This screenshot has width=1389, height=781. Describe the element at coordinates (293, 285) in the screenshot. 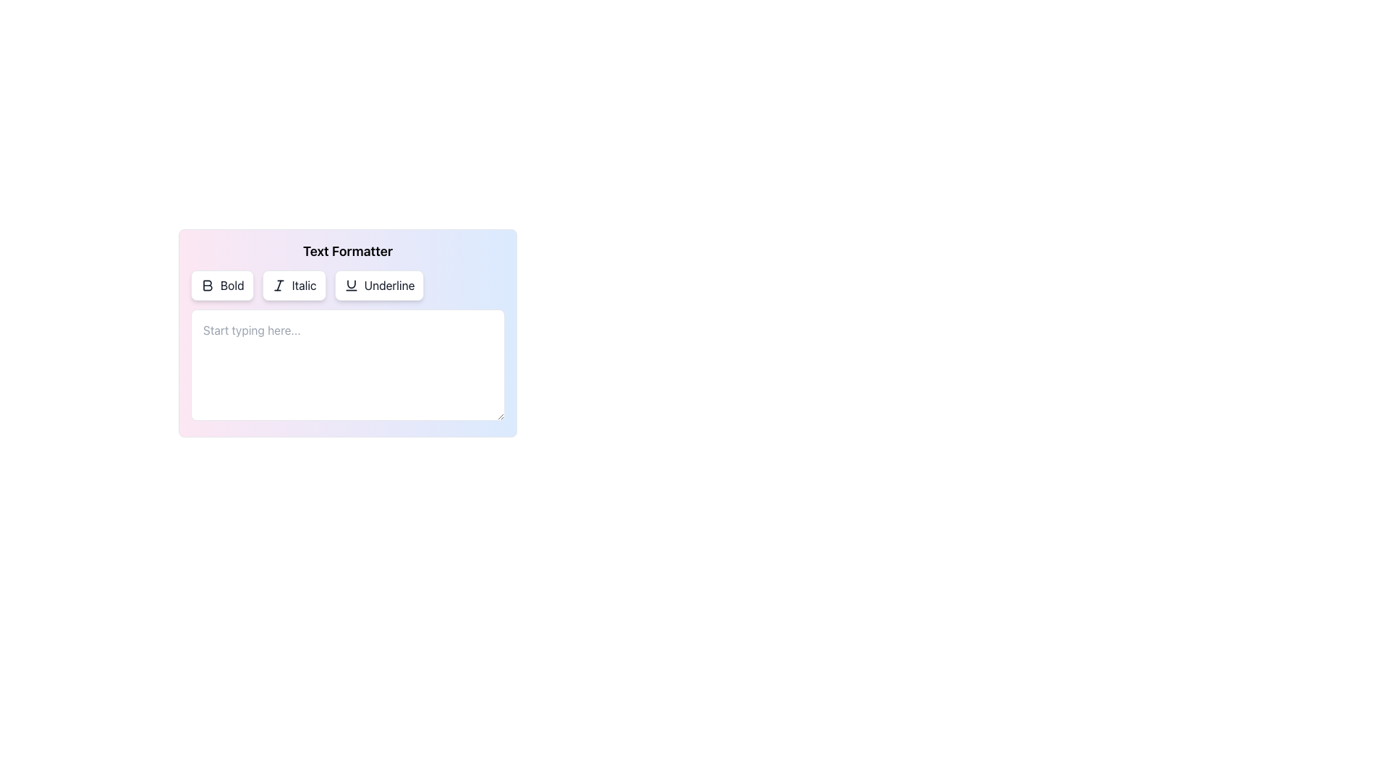

I see `the second button in the horizontal row at the top-left section of the interface` at that location.